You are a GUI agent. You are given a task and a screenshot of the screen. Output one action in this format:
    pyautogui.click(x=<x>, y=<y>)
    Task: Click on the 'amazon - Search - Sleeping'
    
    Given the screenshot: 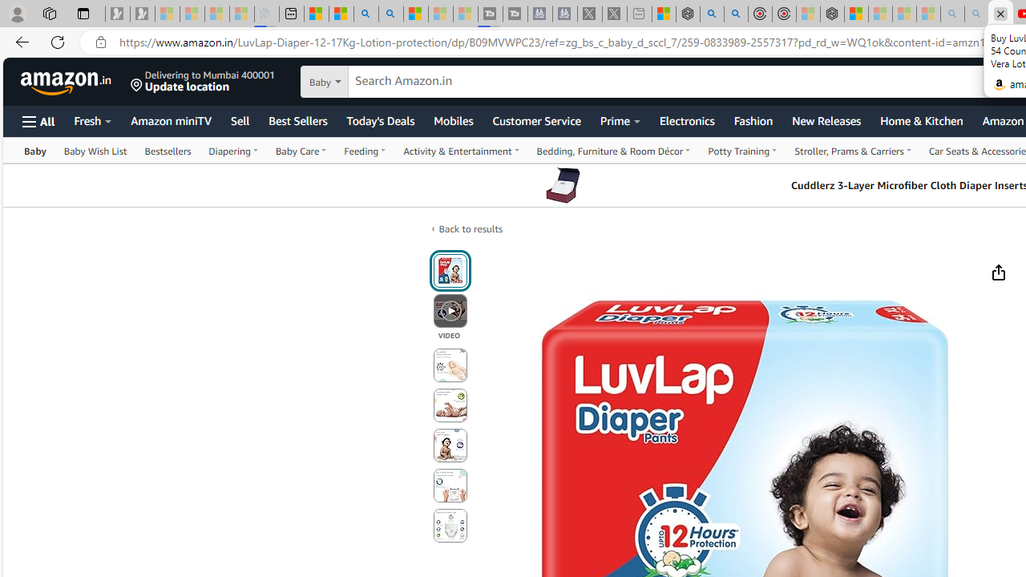 What is the action you would take?
    pyautogui.click(x=952, y=14)
    